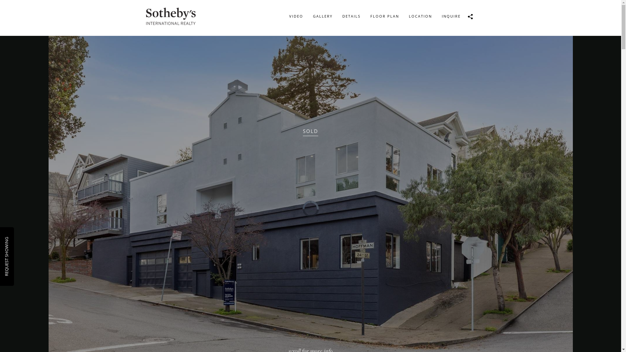 The image size is (626, 352). What do you see at coordinates (23, 240) in the screenshot?
I see `'REQUEST SHOWING'` at bounding box center [23, 240].